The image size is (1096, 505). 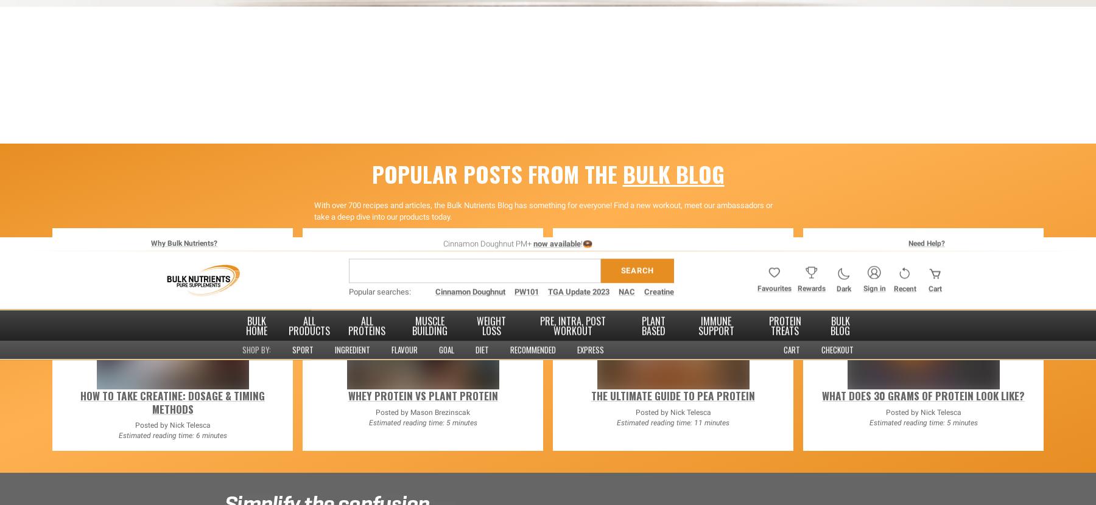 I want to click on 'Information', so click(x=728, y=185).